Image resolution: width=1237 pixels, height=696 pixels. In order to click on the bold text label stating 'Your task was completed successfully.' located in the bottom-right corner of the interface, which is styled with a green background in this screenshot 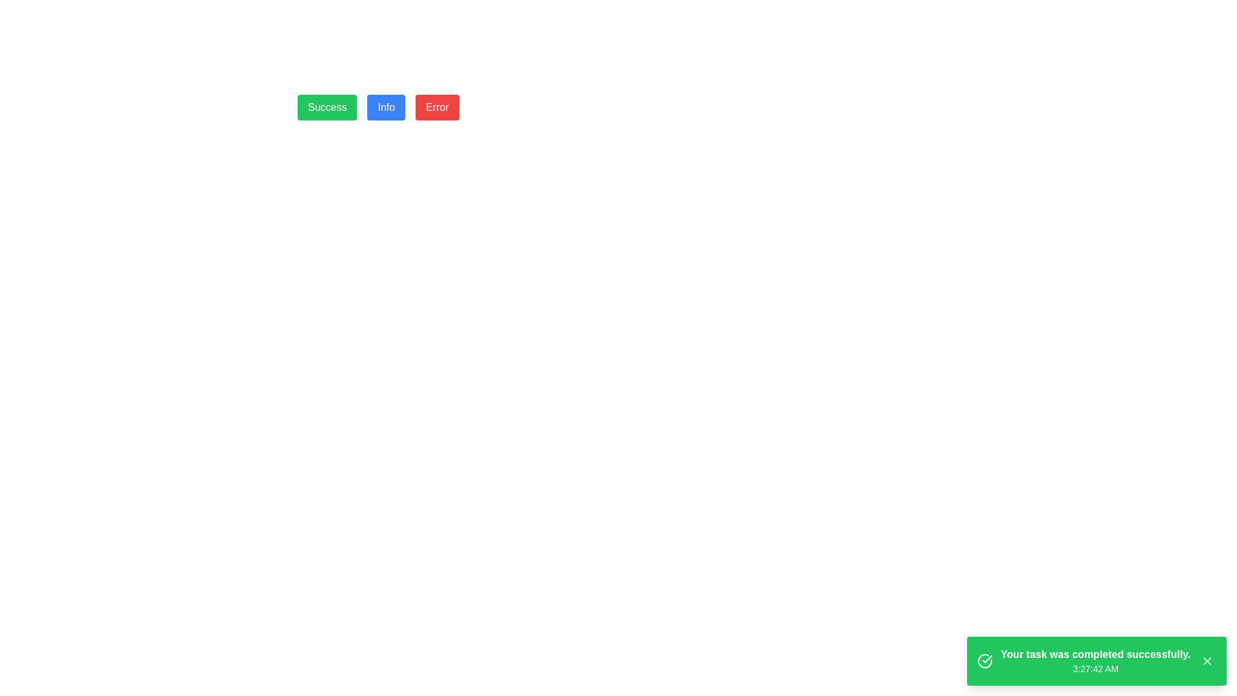, I will do `click(1095, 654)`.